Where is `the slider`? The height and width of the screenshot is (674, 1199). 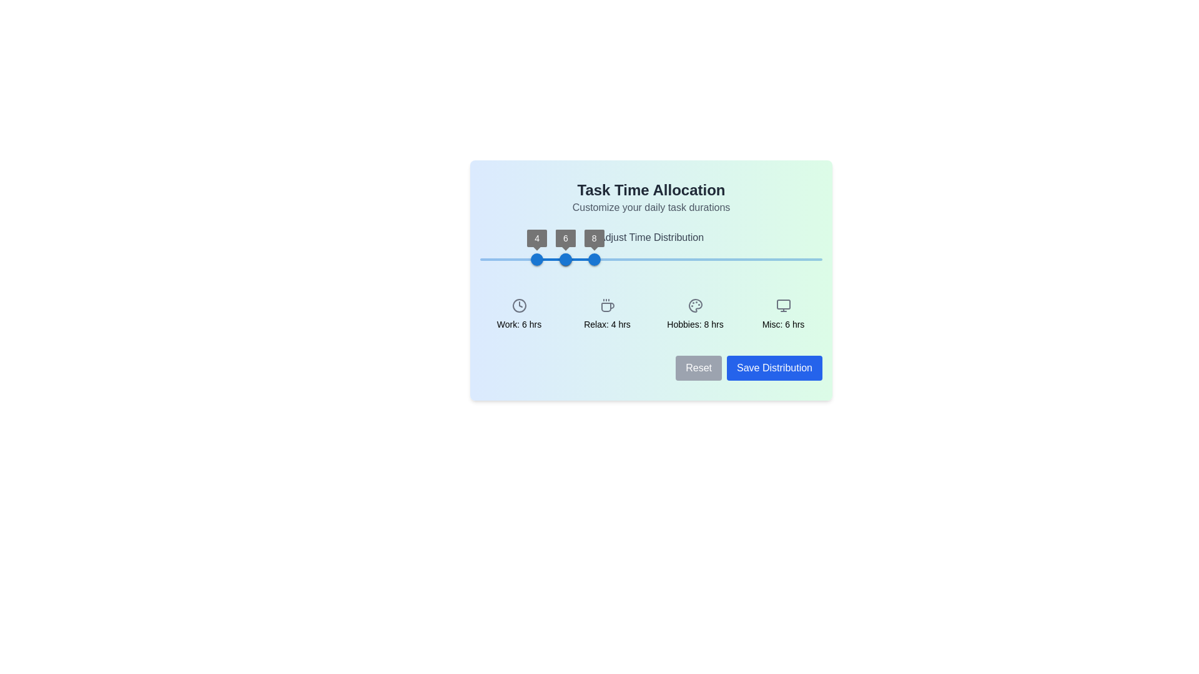 the slider is located at coordinates (577, 259).